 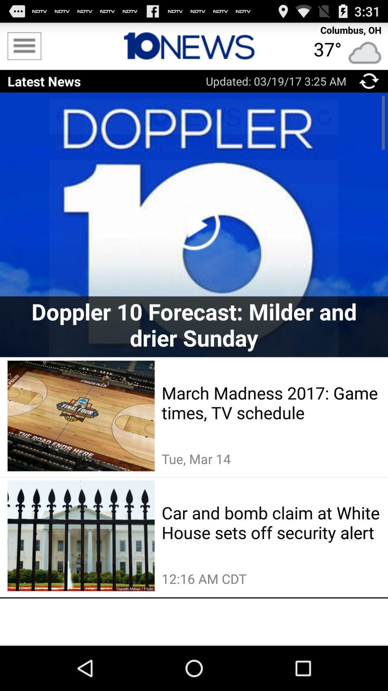 I want to click on the car and bomb item, so click(x=271, y=522).